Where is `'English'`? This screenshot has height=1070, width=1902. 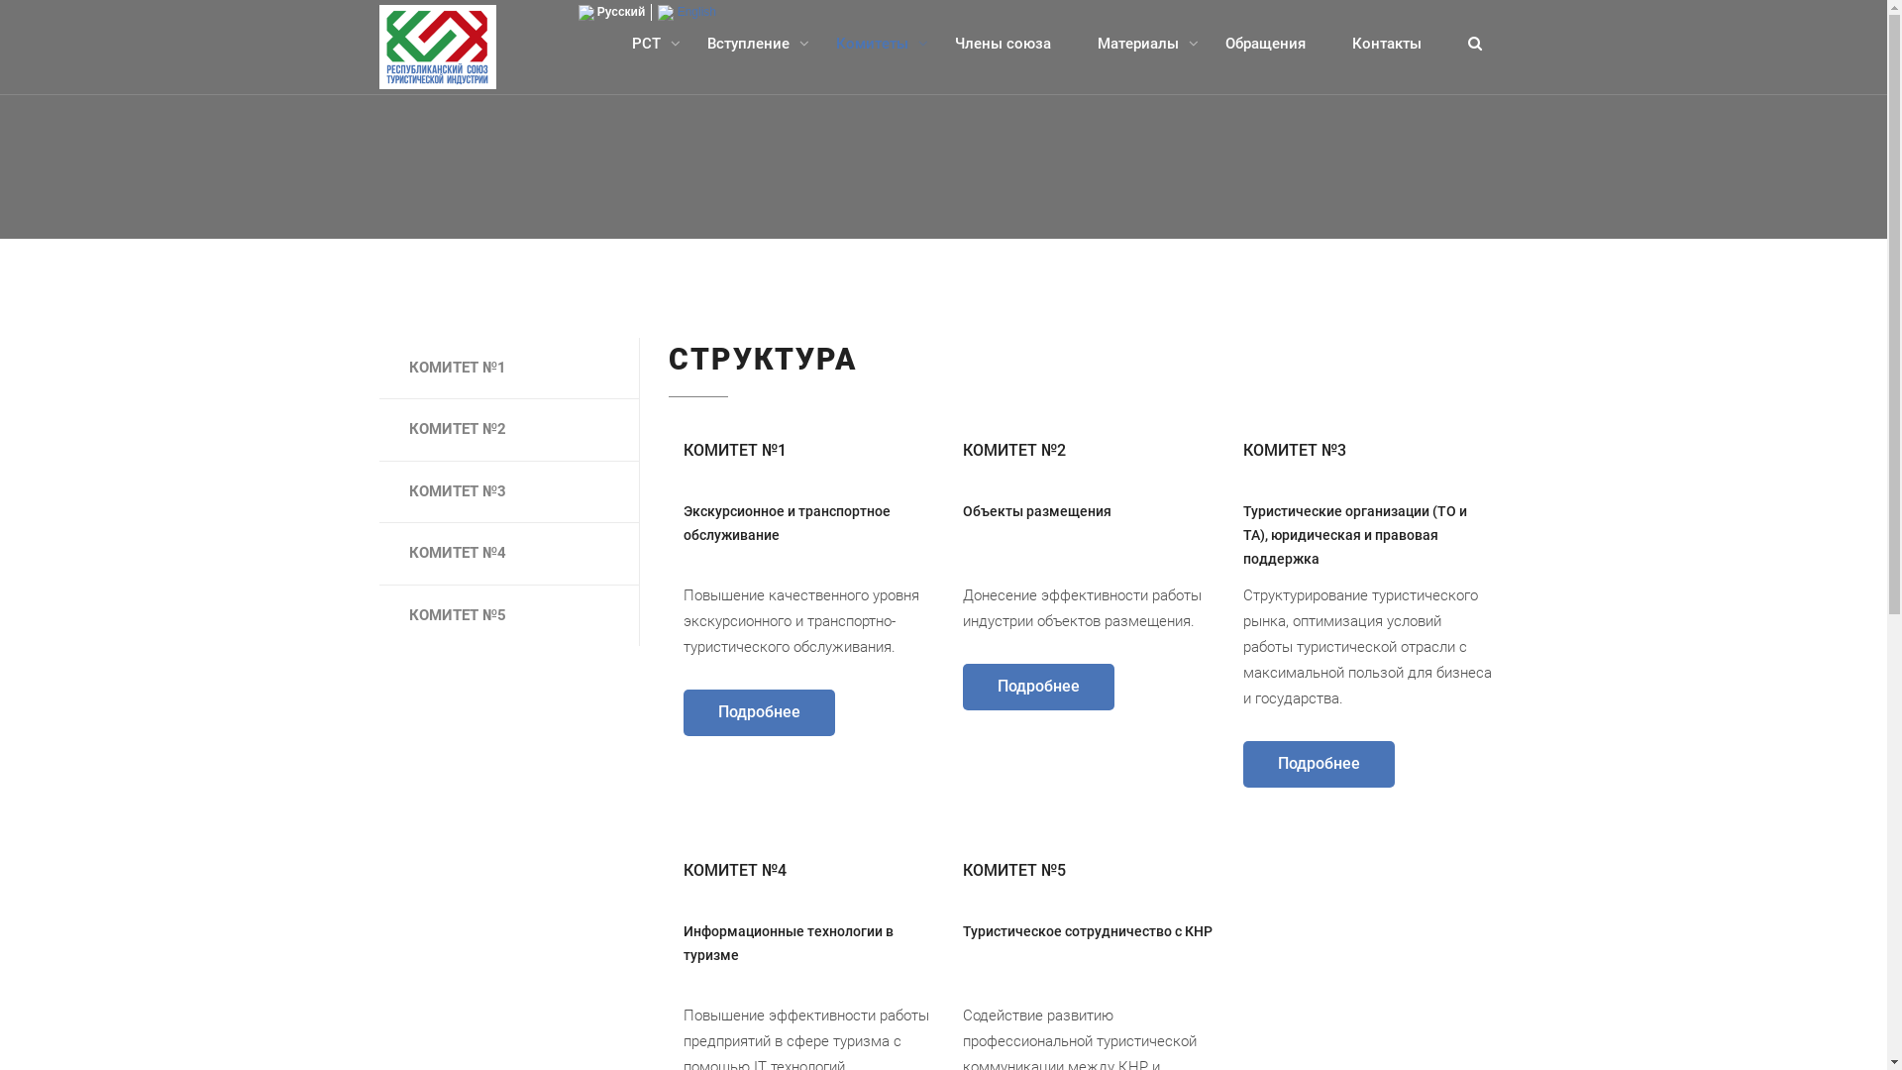 'English' is located at coordinates (687, 11).